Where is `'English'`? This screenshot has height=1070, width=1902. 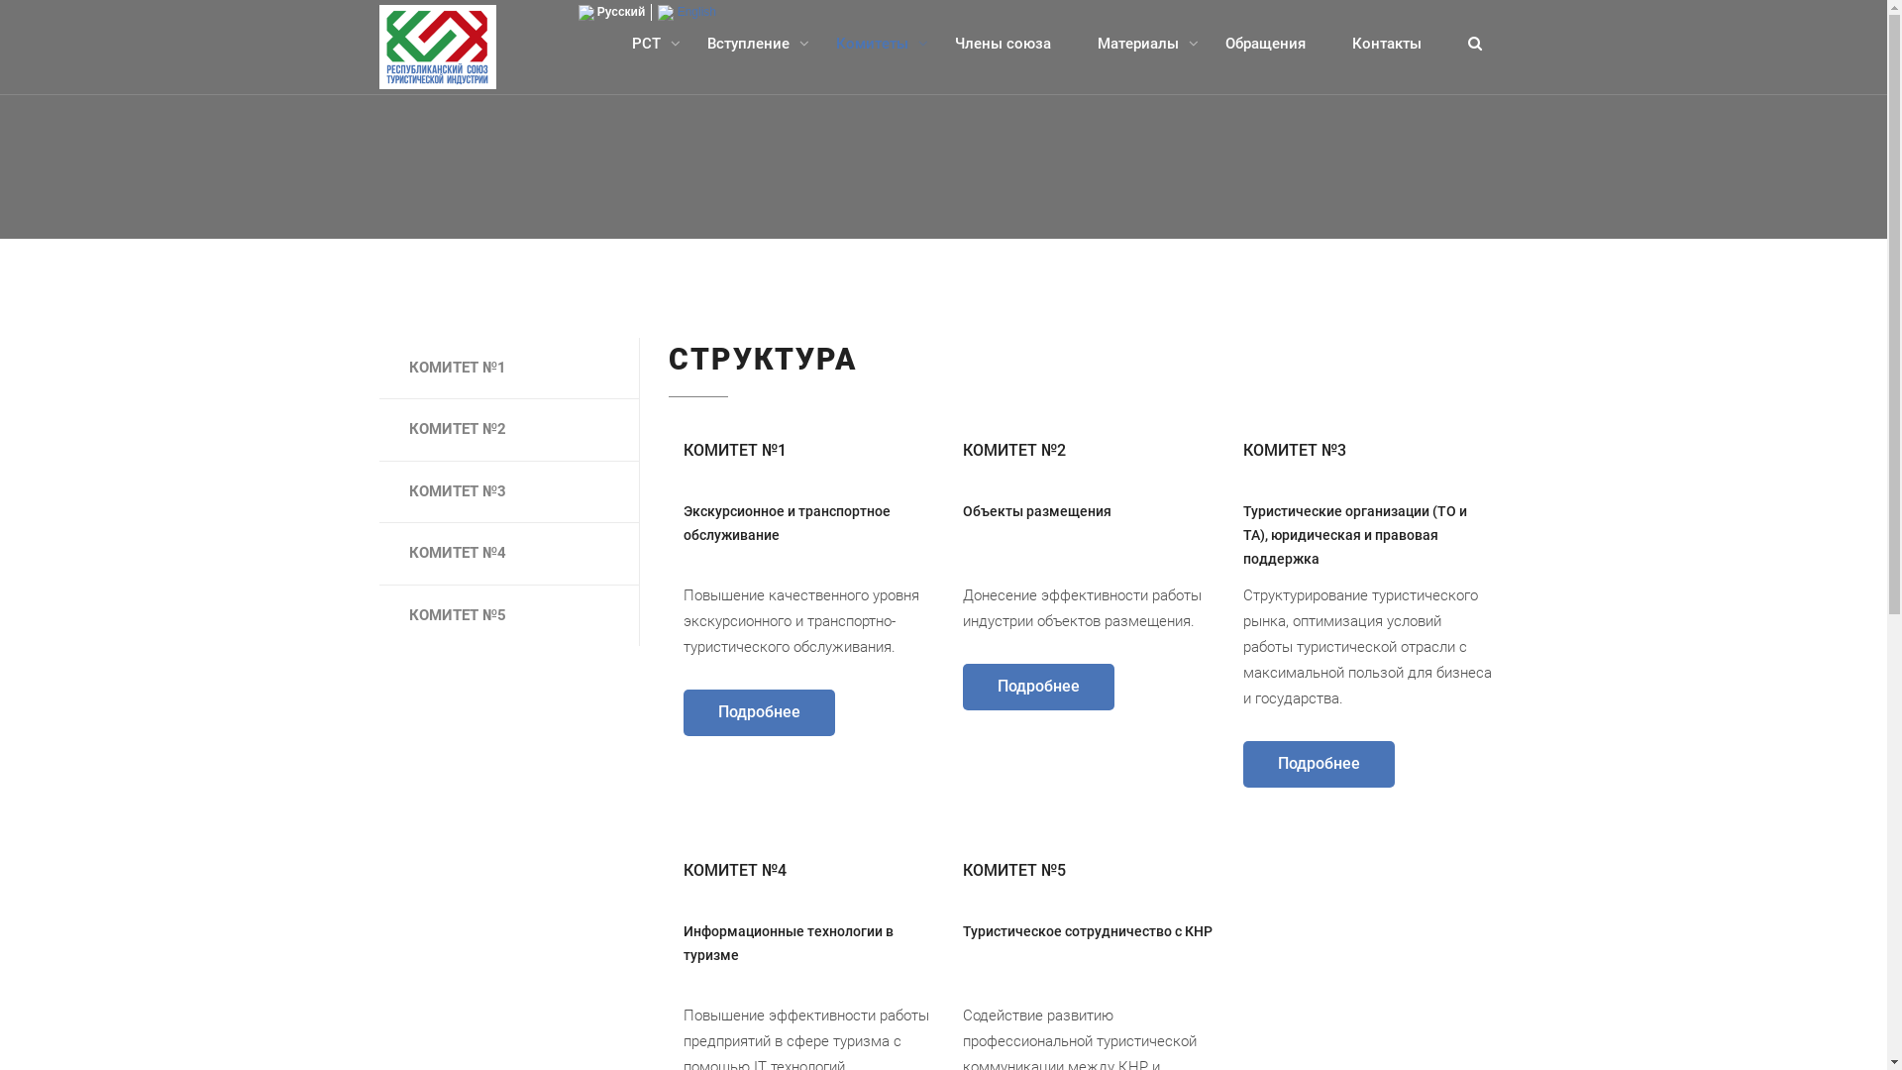 'English' is located at coordinates (687, 11).